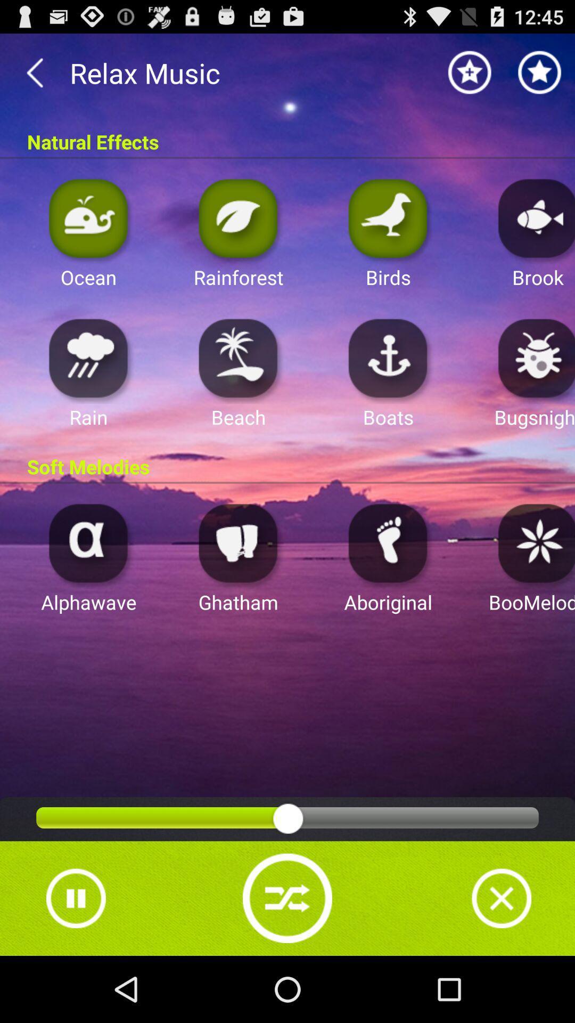 The image size is (575, 1023). Describe the element at coordinates (533, 580) in the screenshot. I see `the star icon` at that location.